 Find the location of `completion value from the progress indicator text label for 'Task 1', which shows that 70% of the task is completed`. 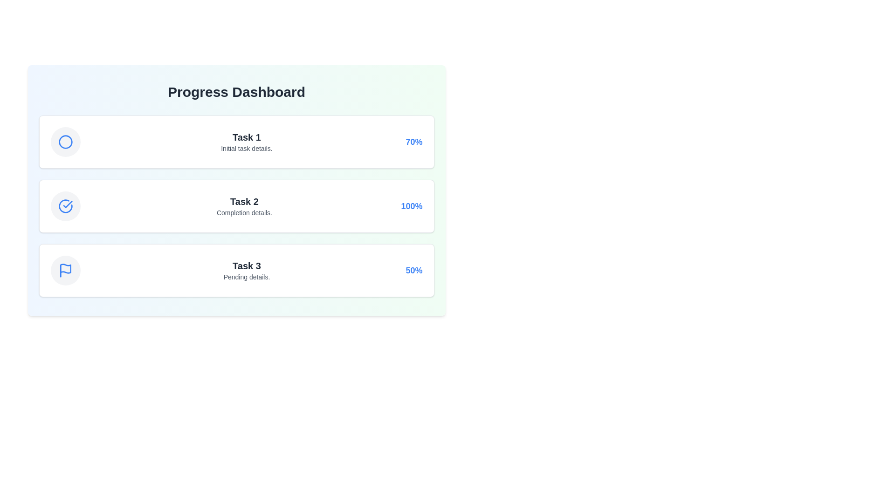

completion value from the progress indicator text label for 'Task 1', which shows that 70% of the task is completed is located at coordinates (413, 142).